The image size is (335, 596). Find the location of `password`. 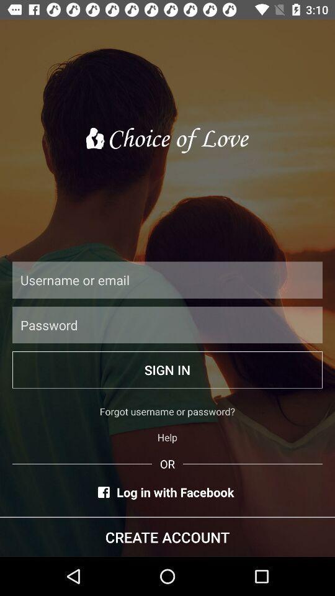

password is located at coordinates (167, 324).